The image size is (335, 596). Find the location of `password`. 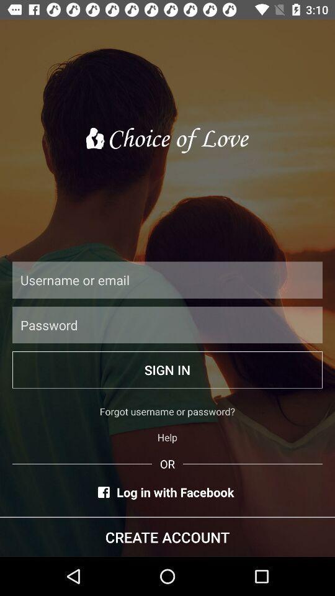

password is located at coordinates (167, 324).